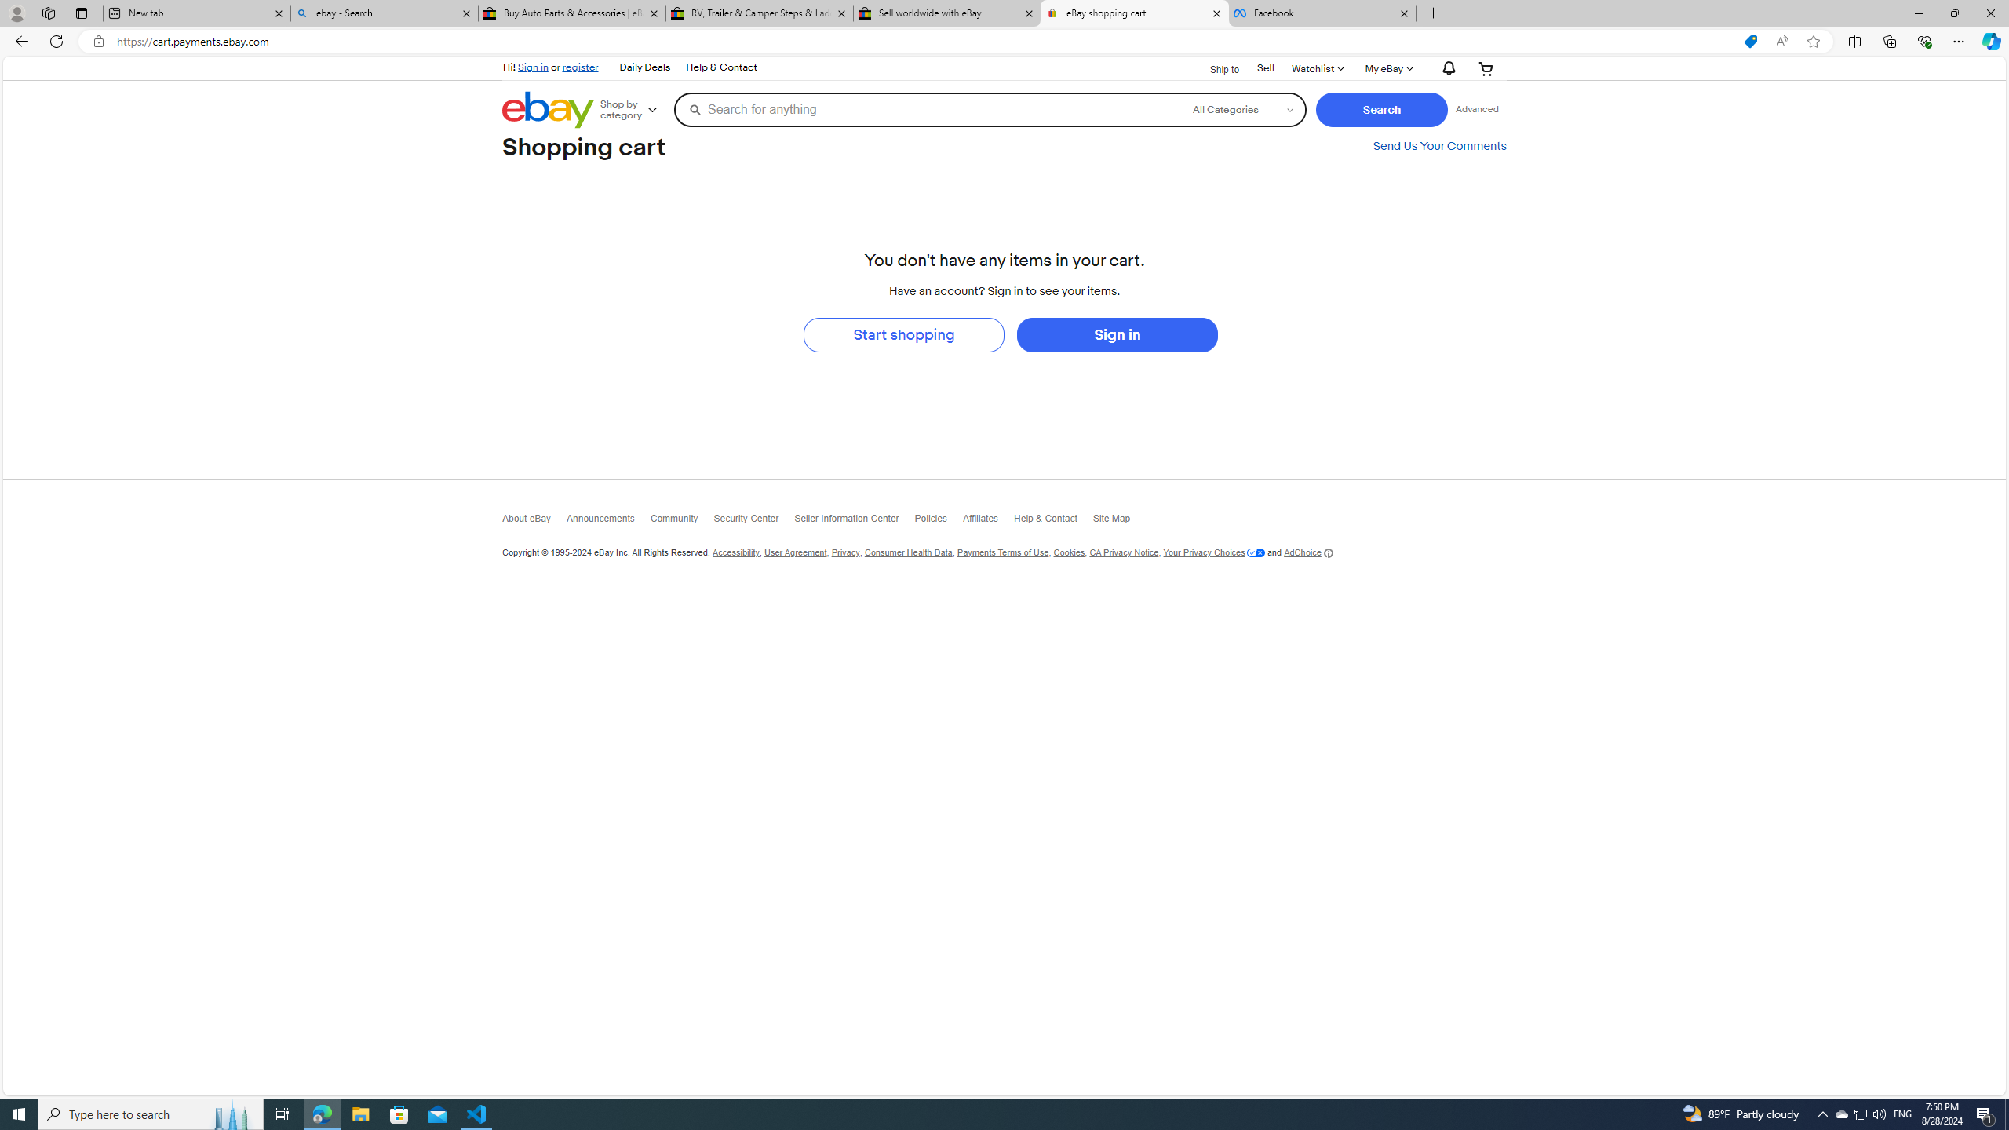  Describe the element at coordinates (383, 13) in the screenshot. I see `'ebay - Search'` at that location.